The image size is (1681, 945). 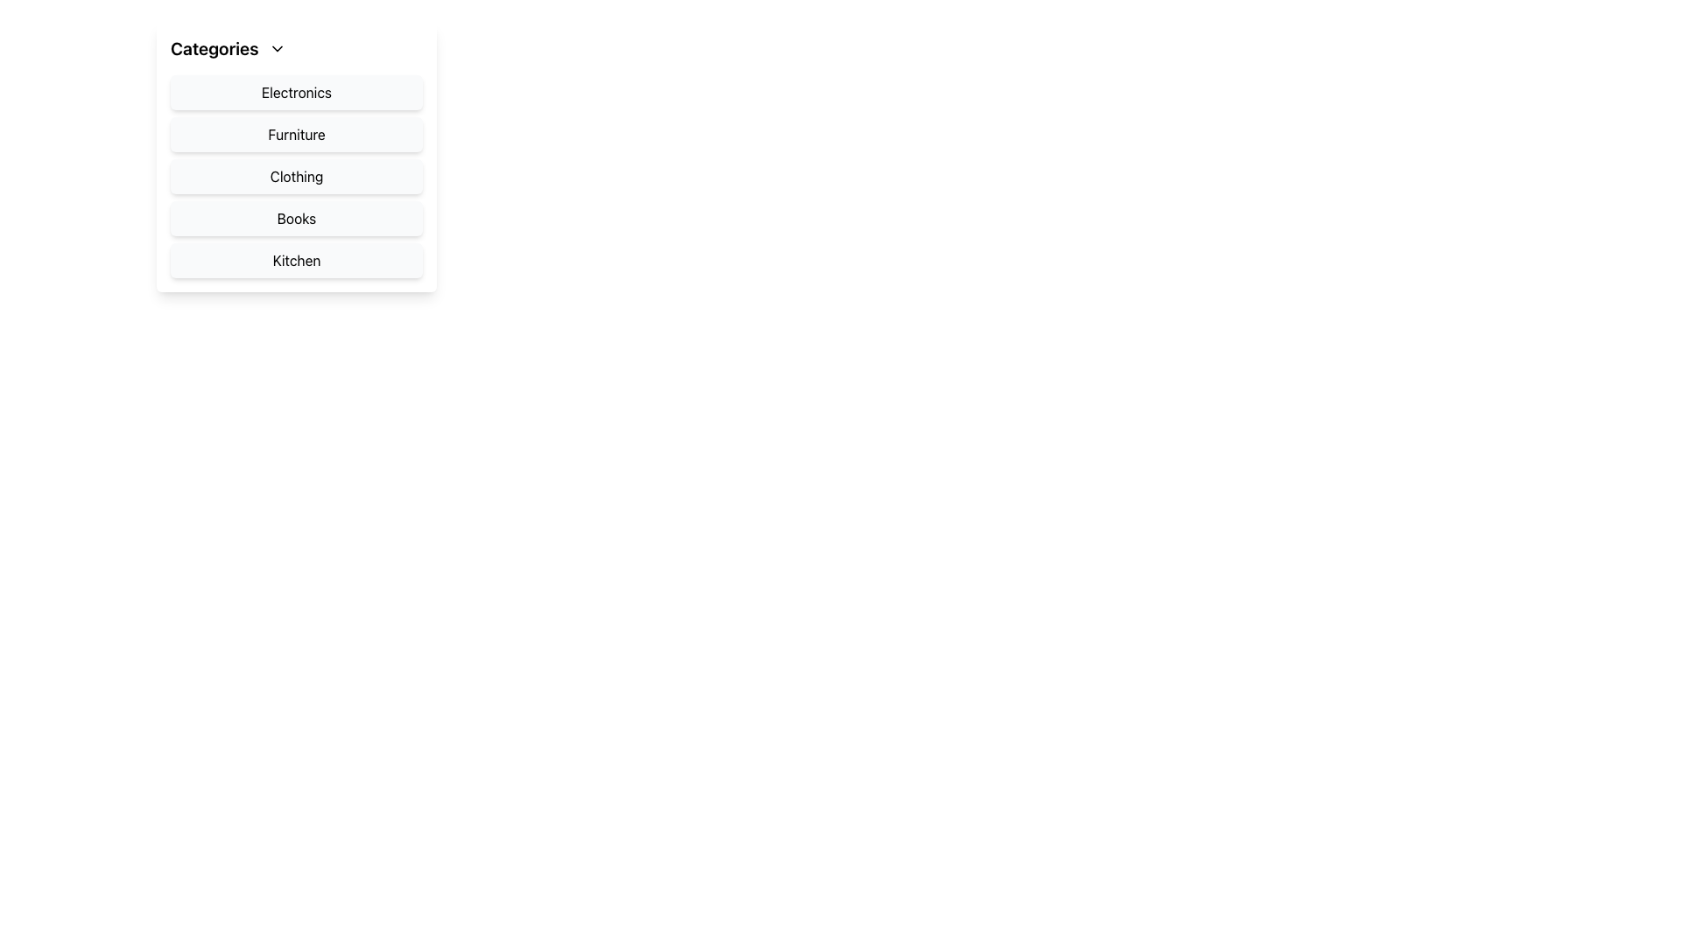 What do you see at coordinates (297, 218) in the screenshot?
I see `the 'Books' category selection button` at bounding box center [297, 218].